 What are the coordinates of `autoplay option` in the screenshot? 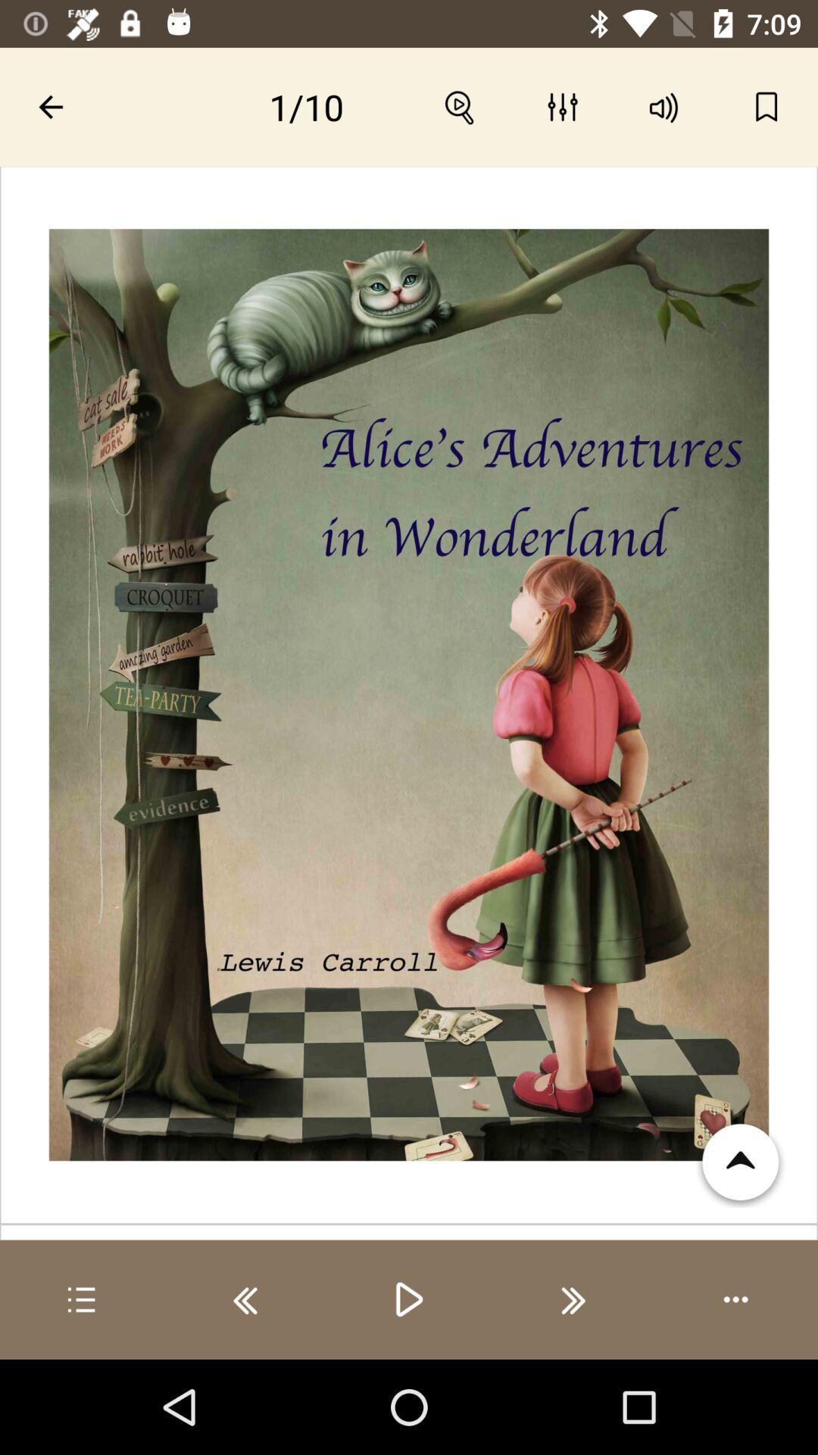 It's located at (735, 1299).